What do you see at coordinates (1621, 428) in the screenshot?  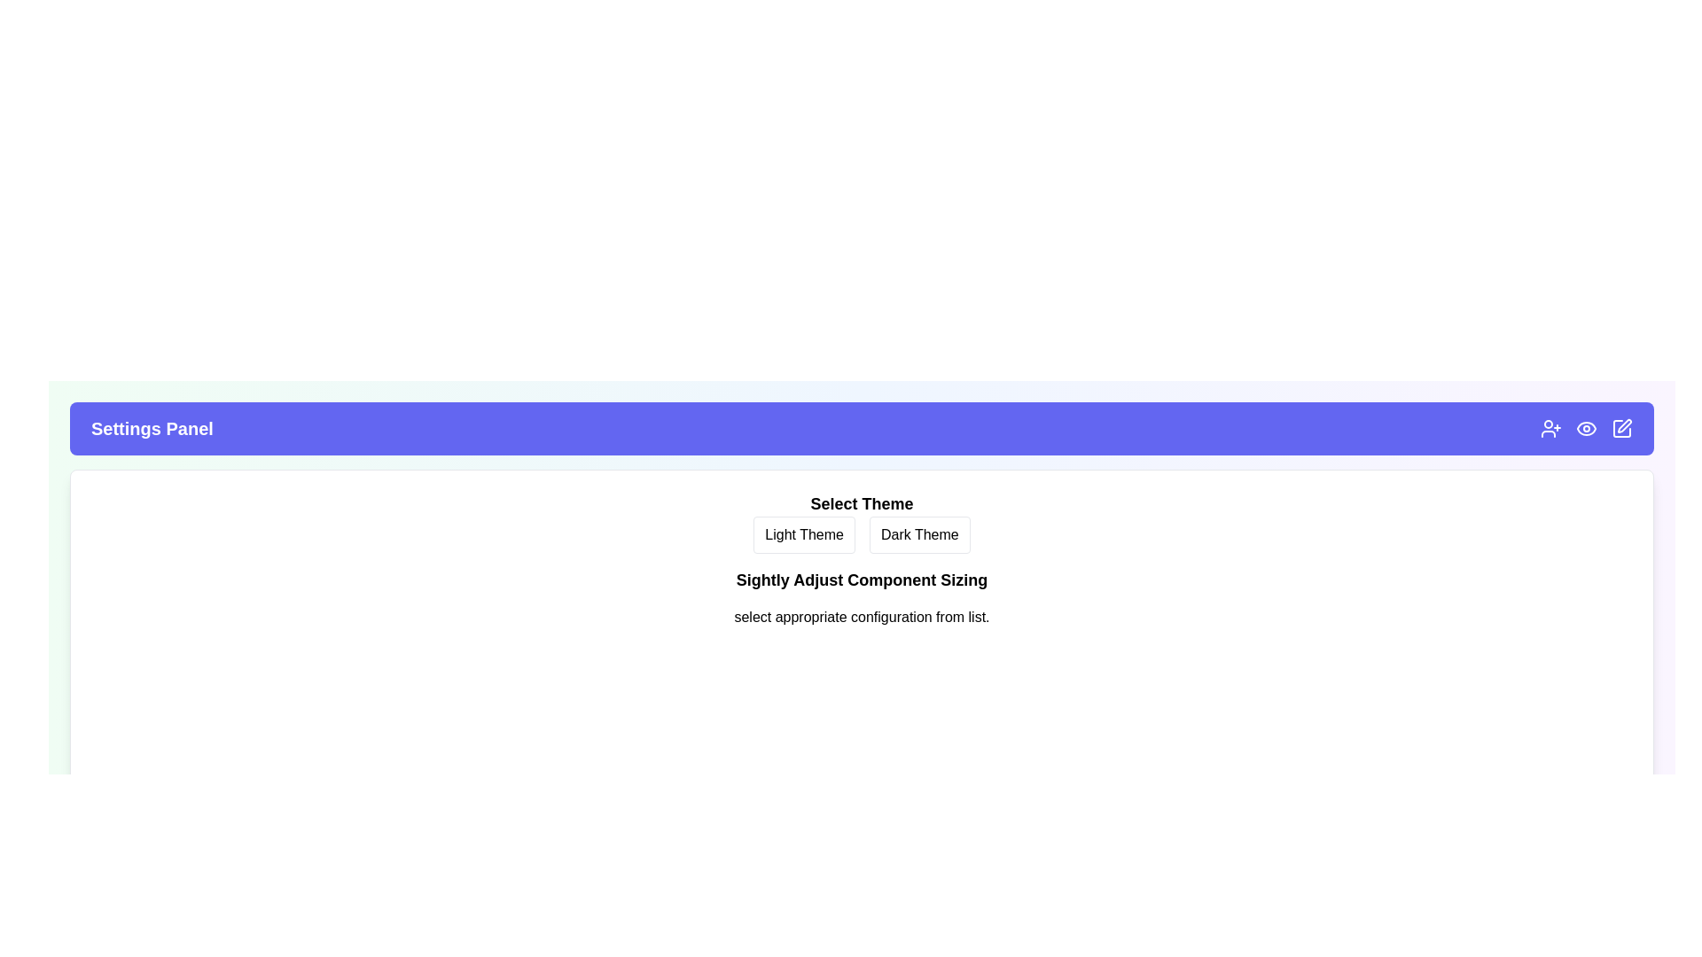 I see `the graphical icon representing an action in the top-right of the interface` at bounding box center [1621, 428].